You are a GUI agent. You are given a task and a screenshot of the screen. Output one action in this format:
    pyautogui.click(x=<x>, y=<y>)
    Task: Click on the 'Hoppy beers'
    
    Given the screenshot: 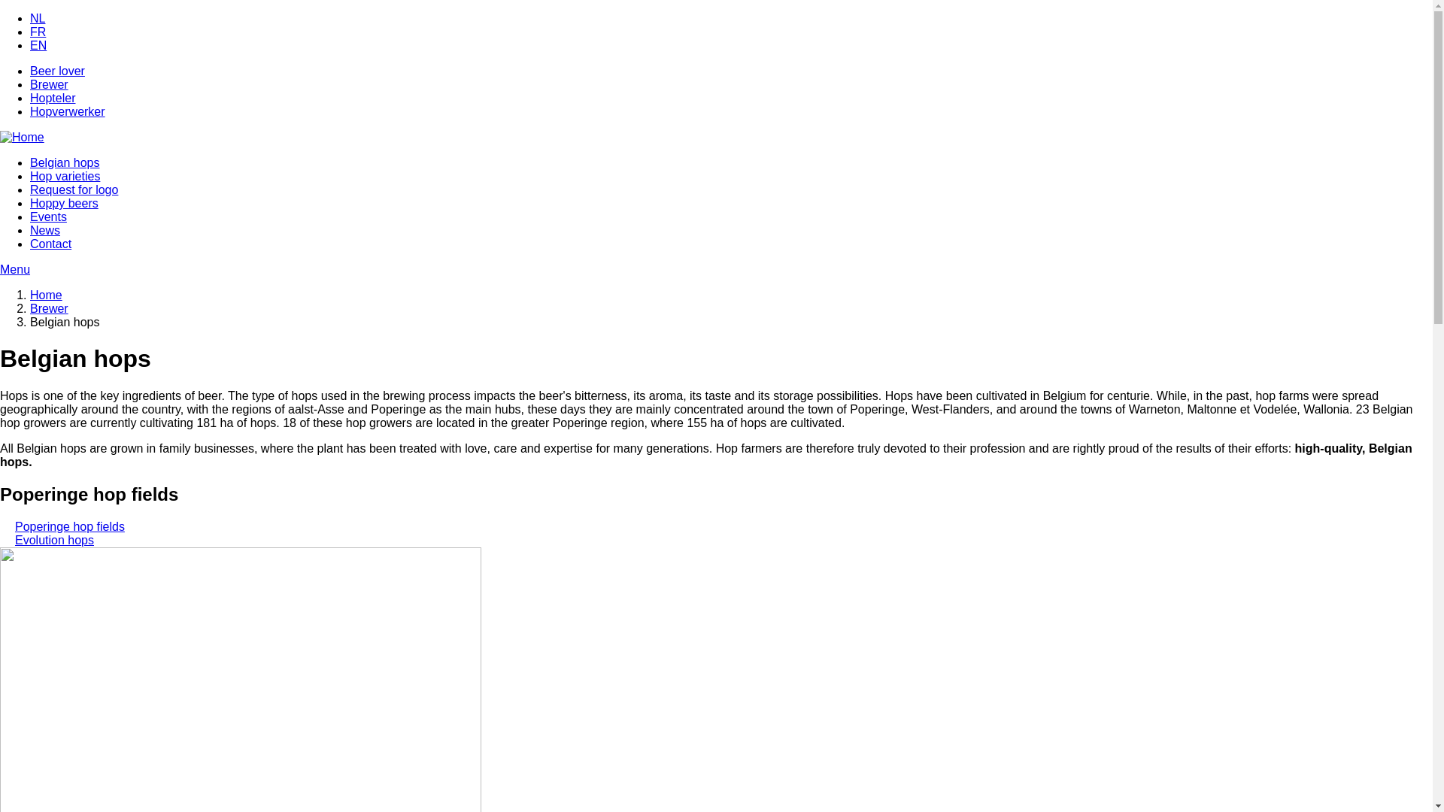 What is the action you would take?
    pyautogui.click(x=63, y=203)
    